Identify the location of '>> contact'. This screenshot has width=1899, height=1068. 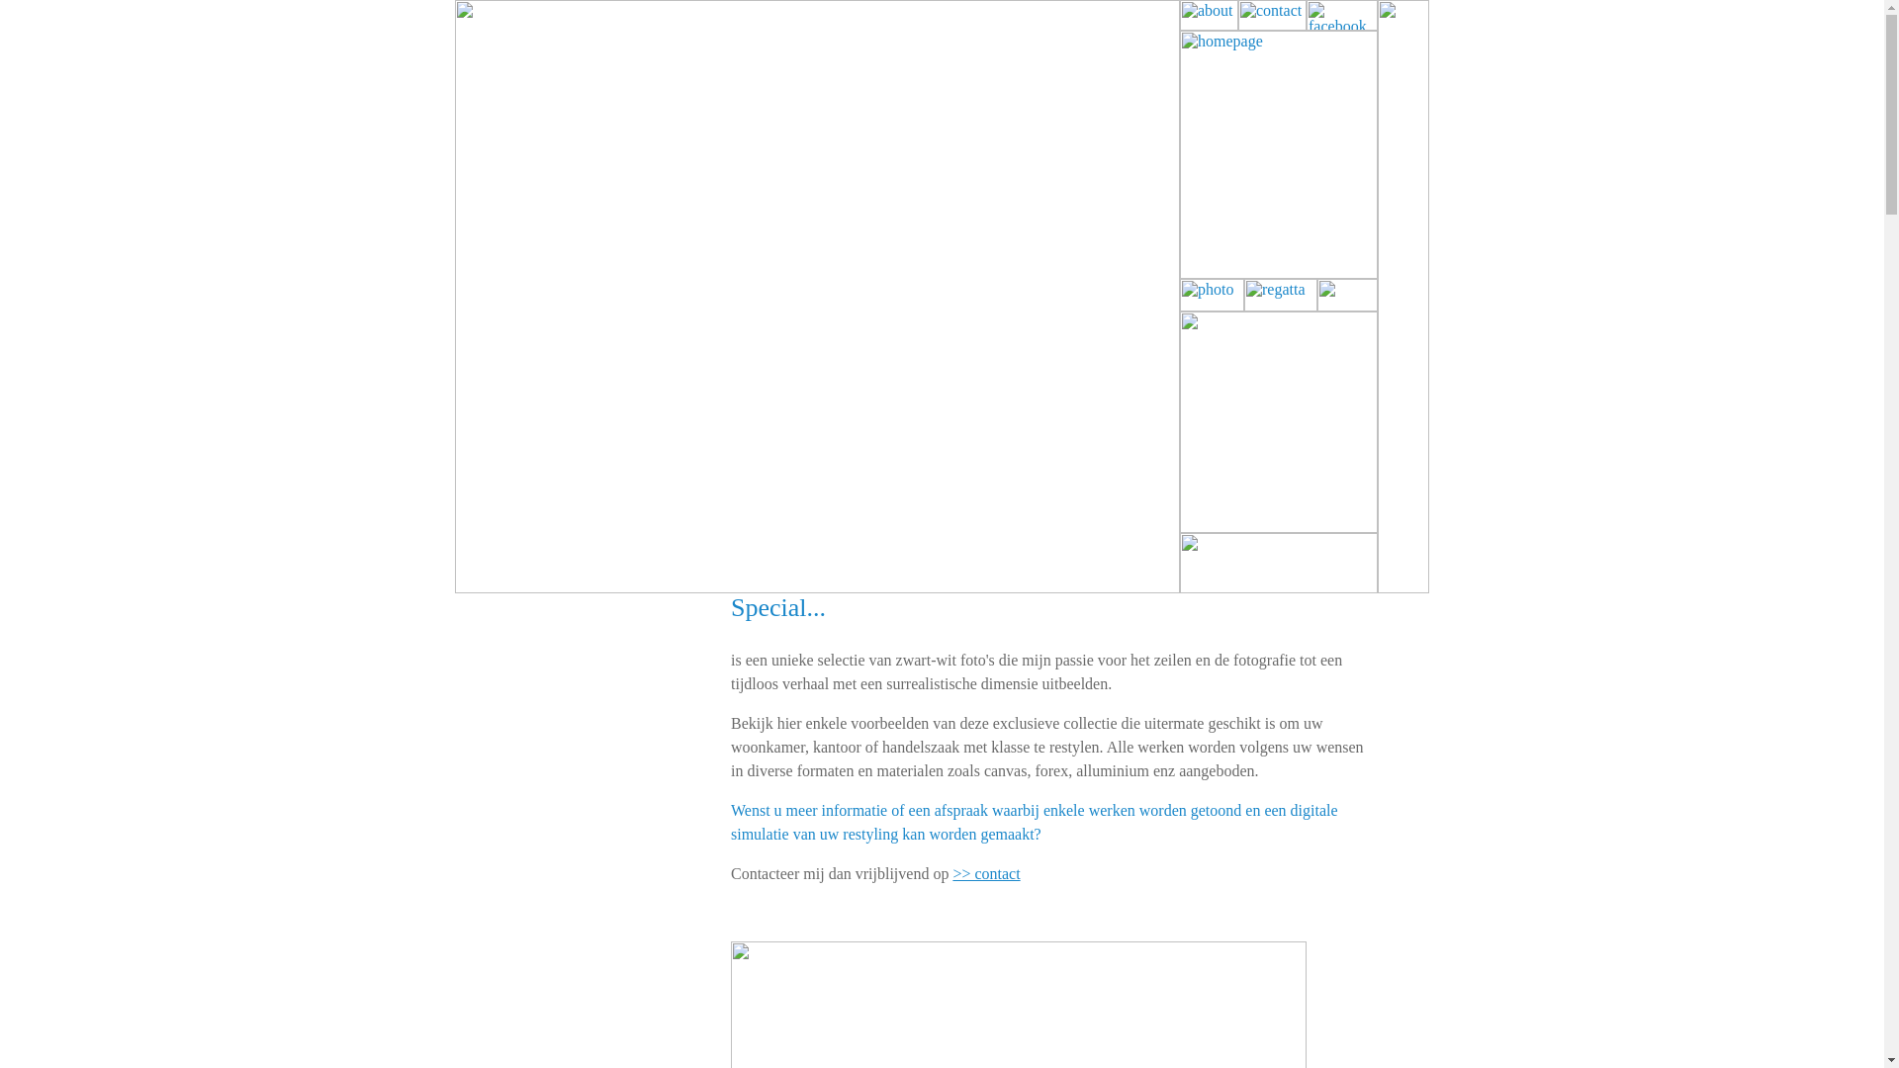
(986, 872).